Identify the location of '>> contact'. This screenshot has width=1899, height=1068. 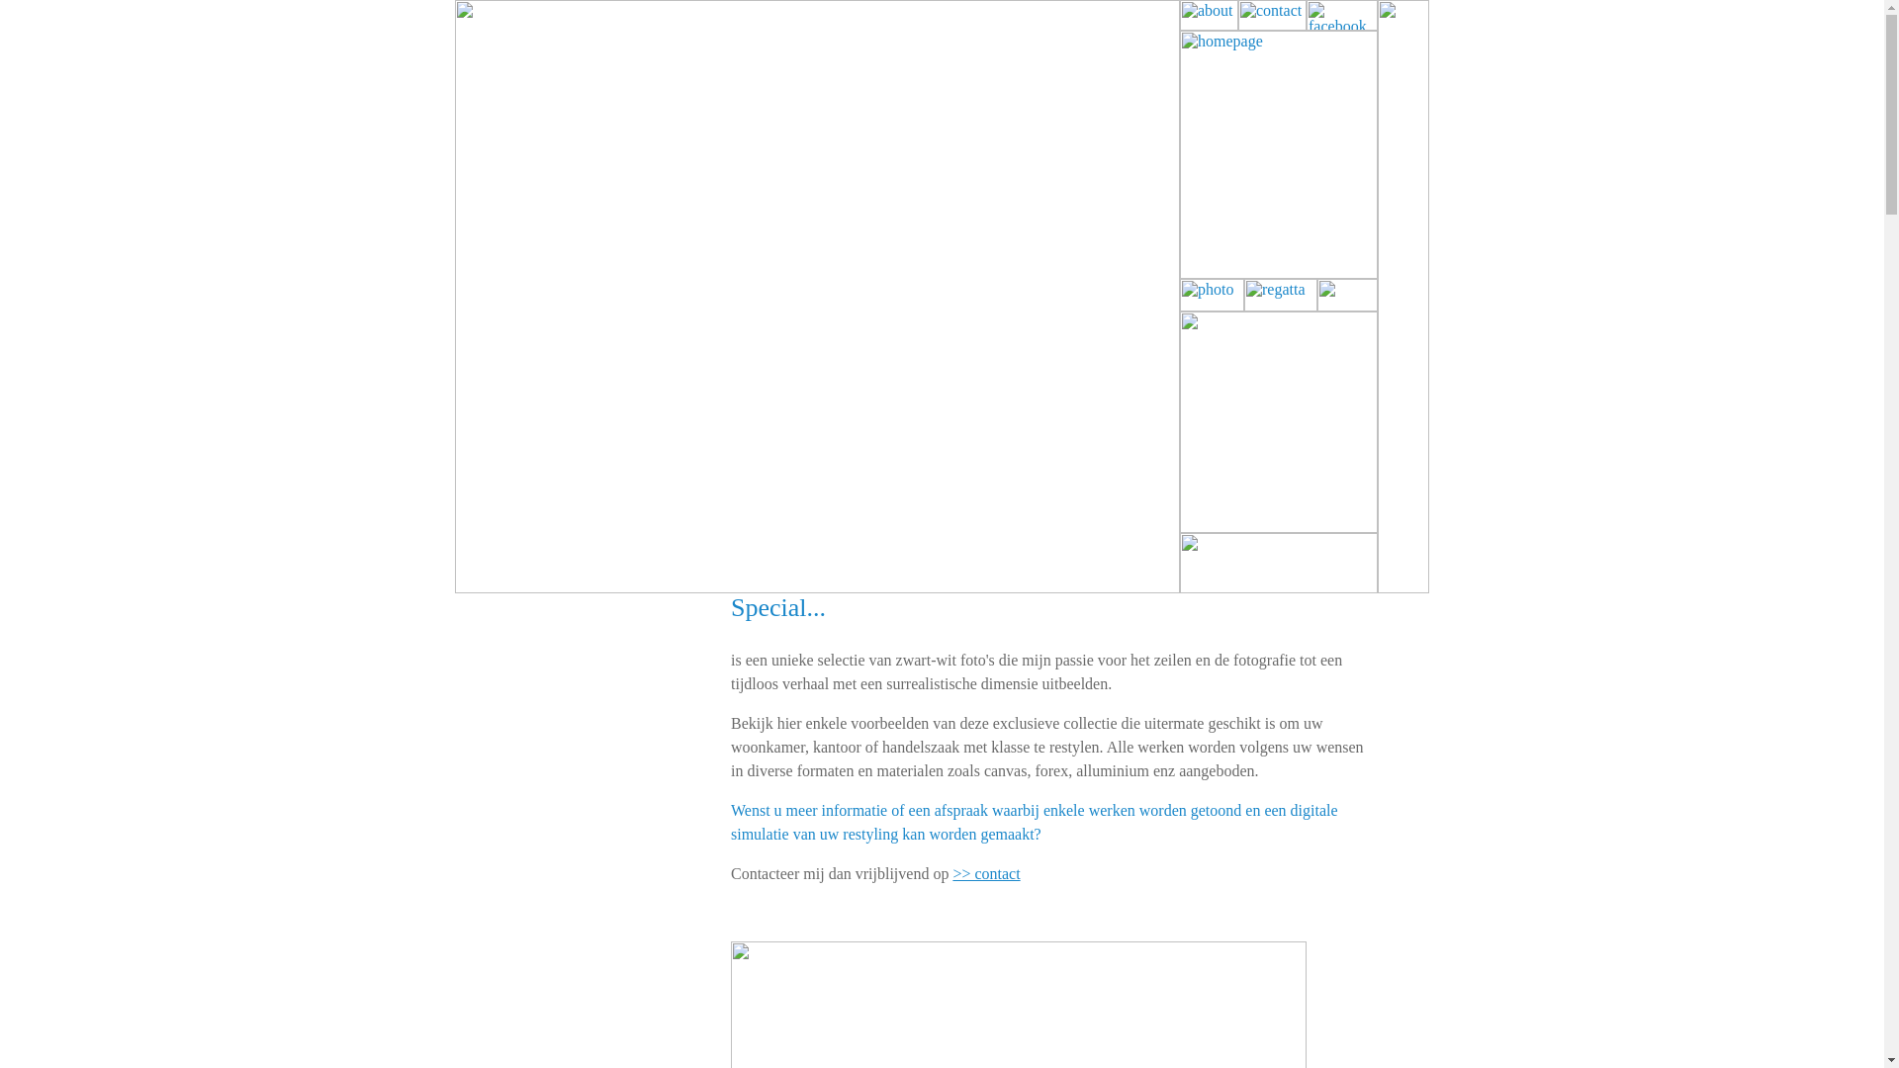
(986, 872).